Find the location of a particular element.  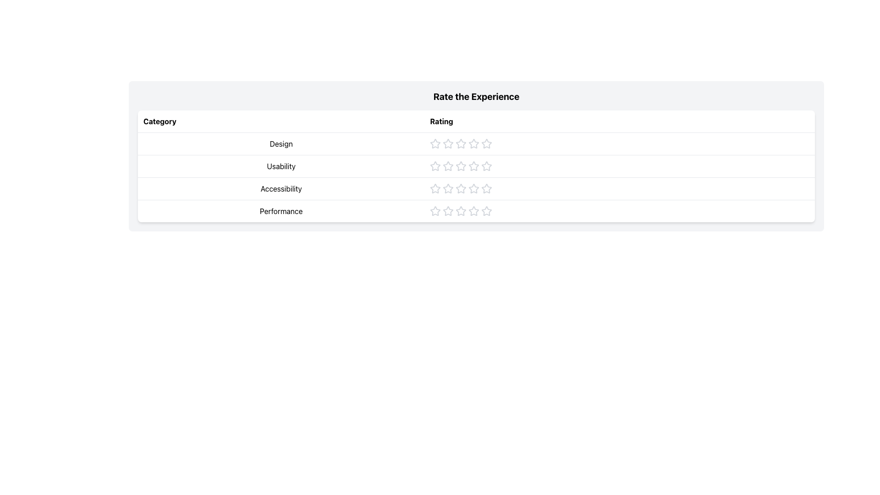

the third star icon in the 'Performance' category is located at coordinates (461, 211).